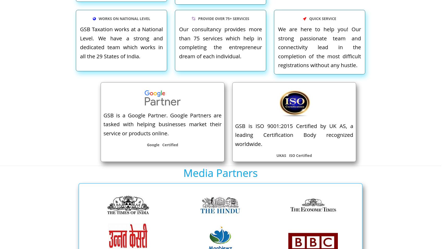 The image size is (445, 249). I want to click on 'GSB Taxation works at a National Level. We have a strong and dedicated team which works in all the 29 States of India.', so click(121, 42).